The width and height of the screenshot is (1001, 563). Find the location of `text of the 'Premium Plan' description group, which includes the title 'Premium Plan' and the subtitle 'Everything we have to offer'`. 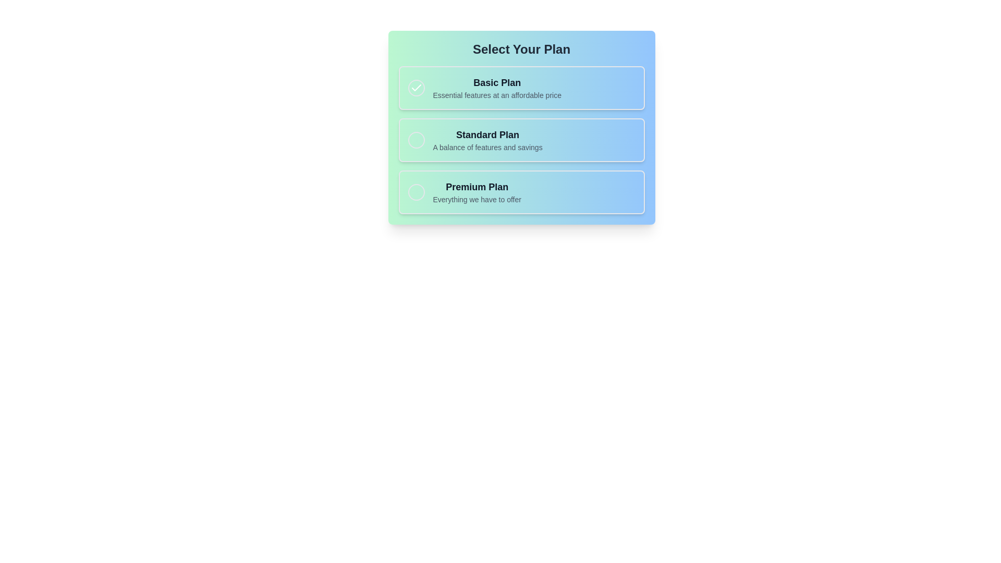

text of the 'Premium Plan' description group, which includes the title 'Premium Plan' and the subtitle 'Everything we have to offer' is located at coordinates (477, 192).